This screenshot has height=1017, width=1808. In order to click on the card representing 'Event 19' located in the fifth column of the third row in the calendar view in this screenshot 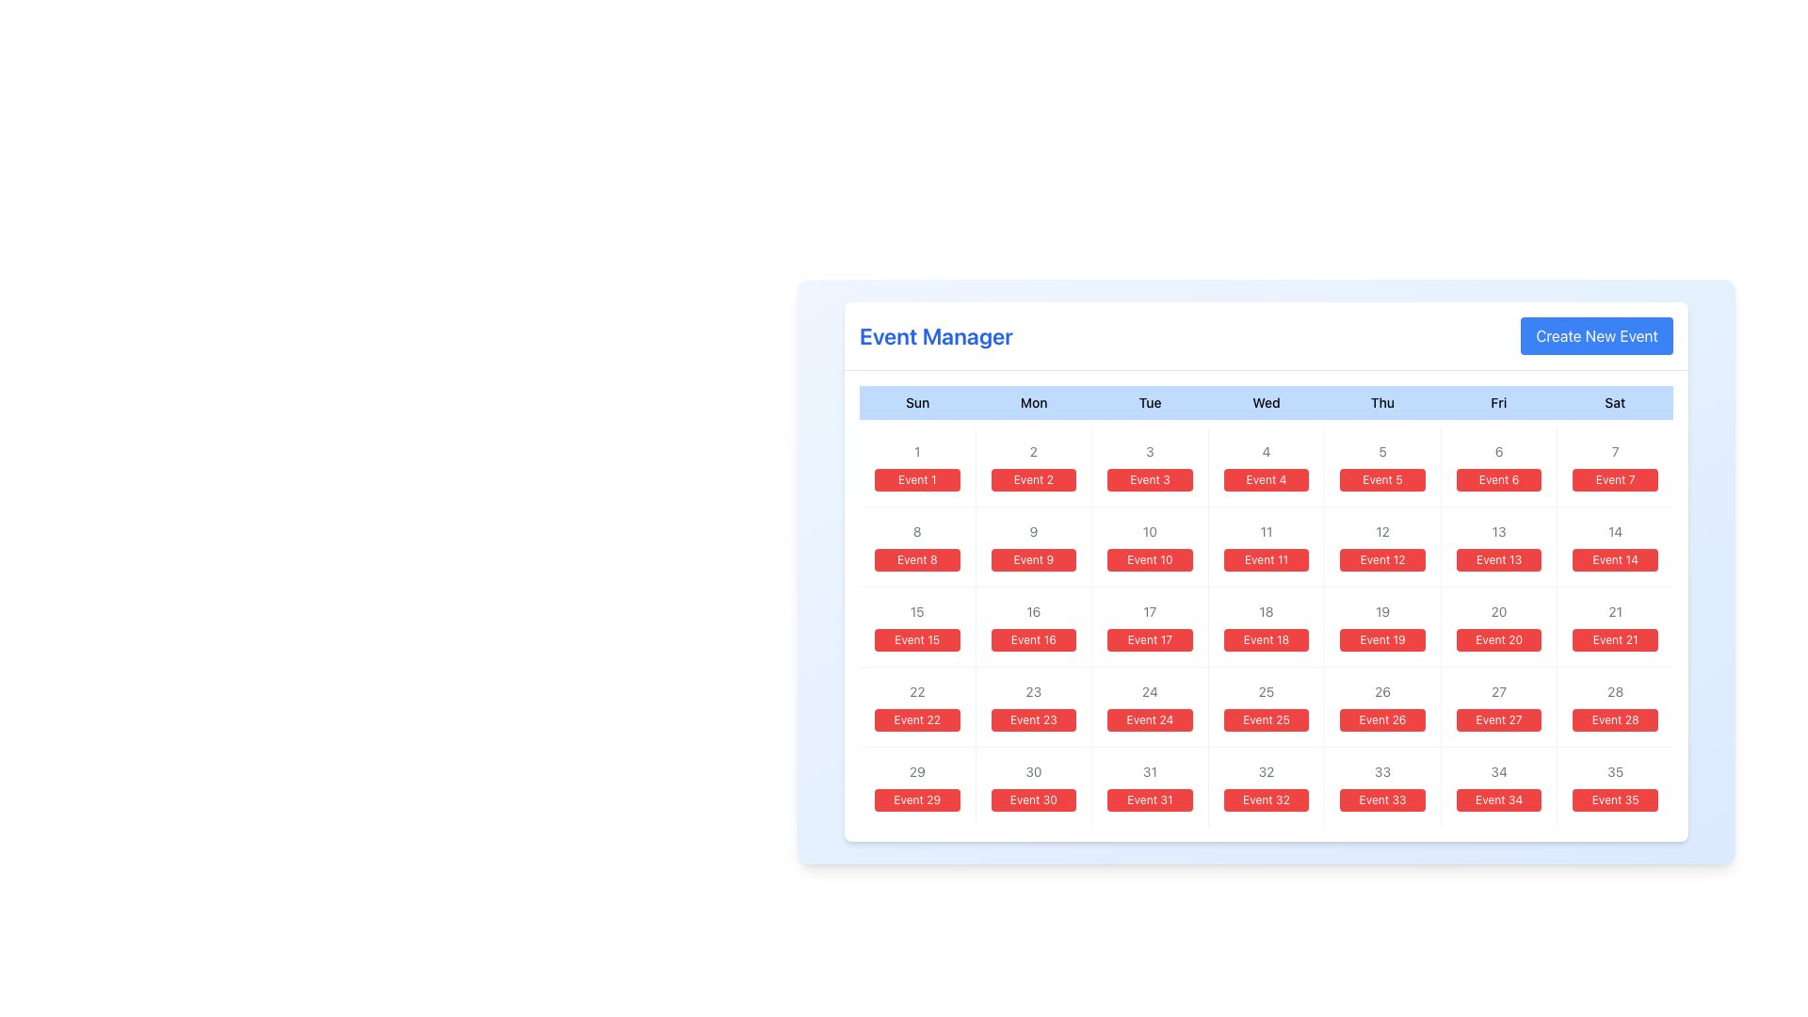, I will do `click(1382, 627)`.